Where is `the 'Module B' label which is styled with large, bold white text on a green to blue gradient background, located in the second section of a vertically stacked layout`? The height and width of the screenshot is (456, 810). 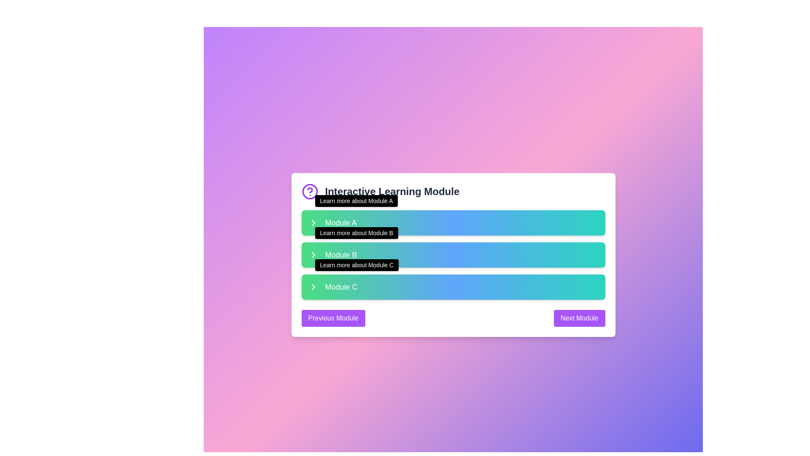 the 'Module B' label which is styled with large, bold white text on a green to blue gradient background, located in the second section of a vertically stacked layout is located at coordinates (341, 255).